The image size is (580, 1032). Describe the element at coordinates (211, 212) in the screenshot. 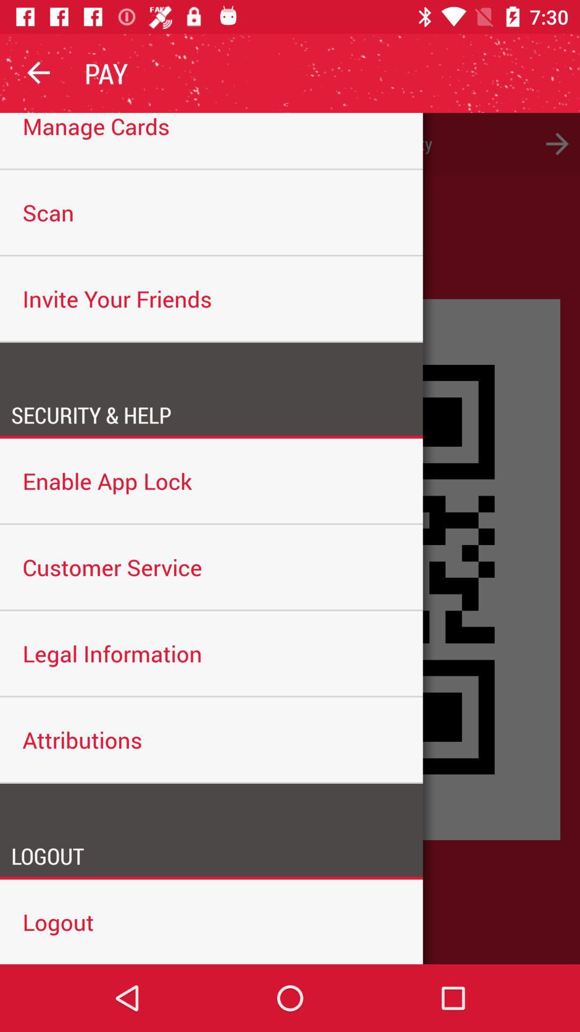

I see `scan item` at that location.